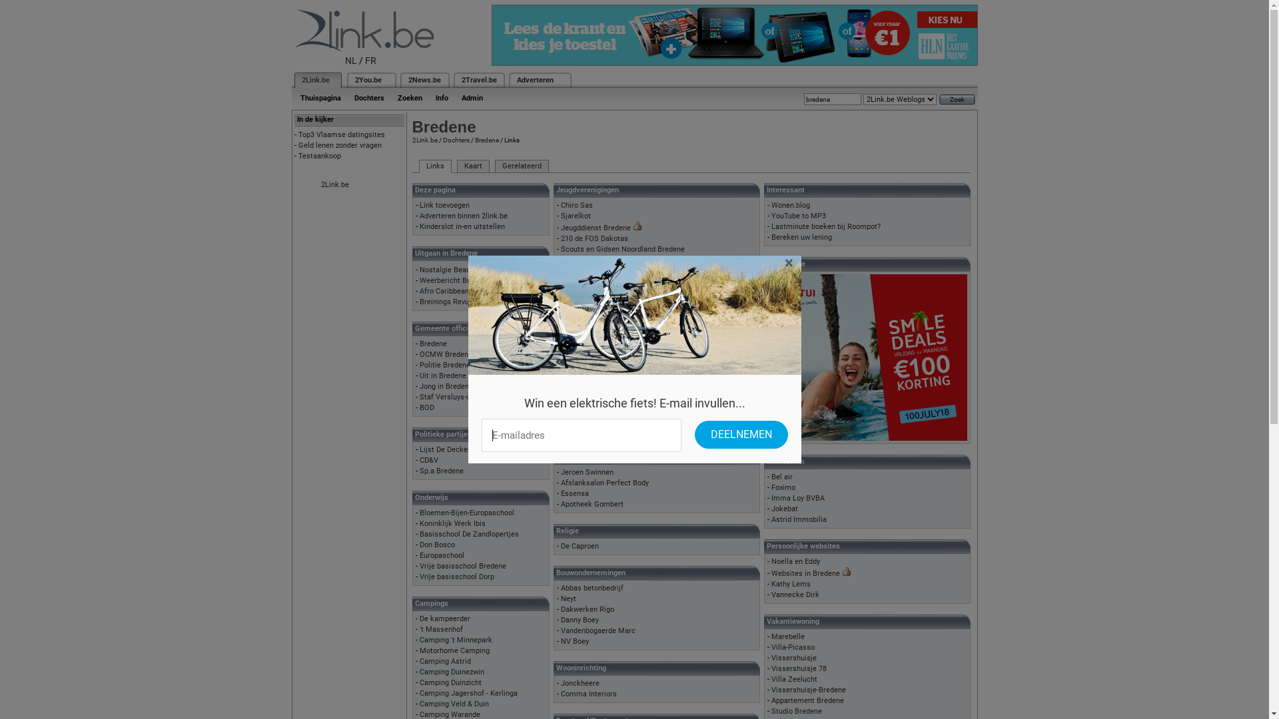 This screenshot has width=1279, height=719. Describe the element at coordinates (795, 594) in the screenshot. I see `'Vannecke Dirk'` at that location.